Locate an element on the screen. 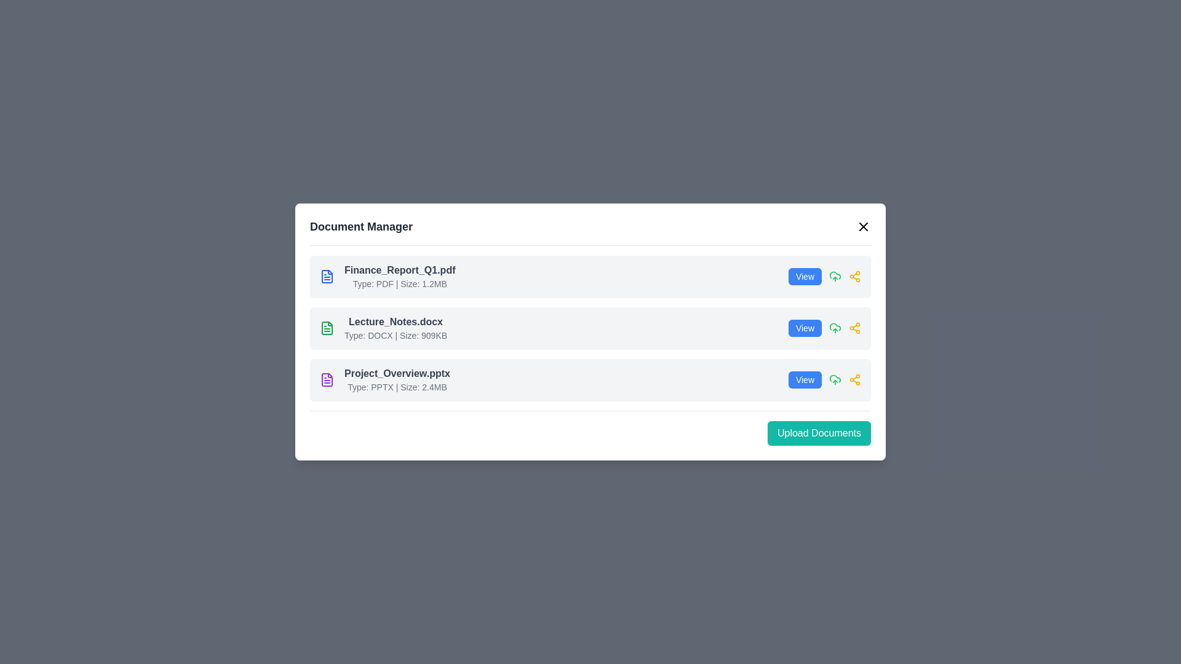 Image resolution: width=1181 pixels, height=664 pixels. the green cloud upload icon located to the right of the blue 'View' button is located at coordinates (835, 277).